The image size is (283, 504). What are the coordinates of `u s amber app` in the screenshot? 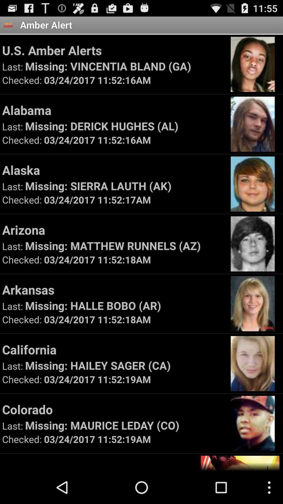 It's located at (114, 50).